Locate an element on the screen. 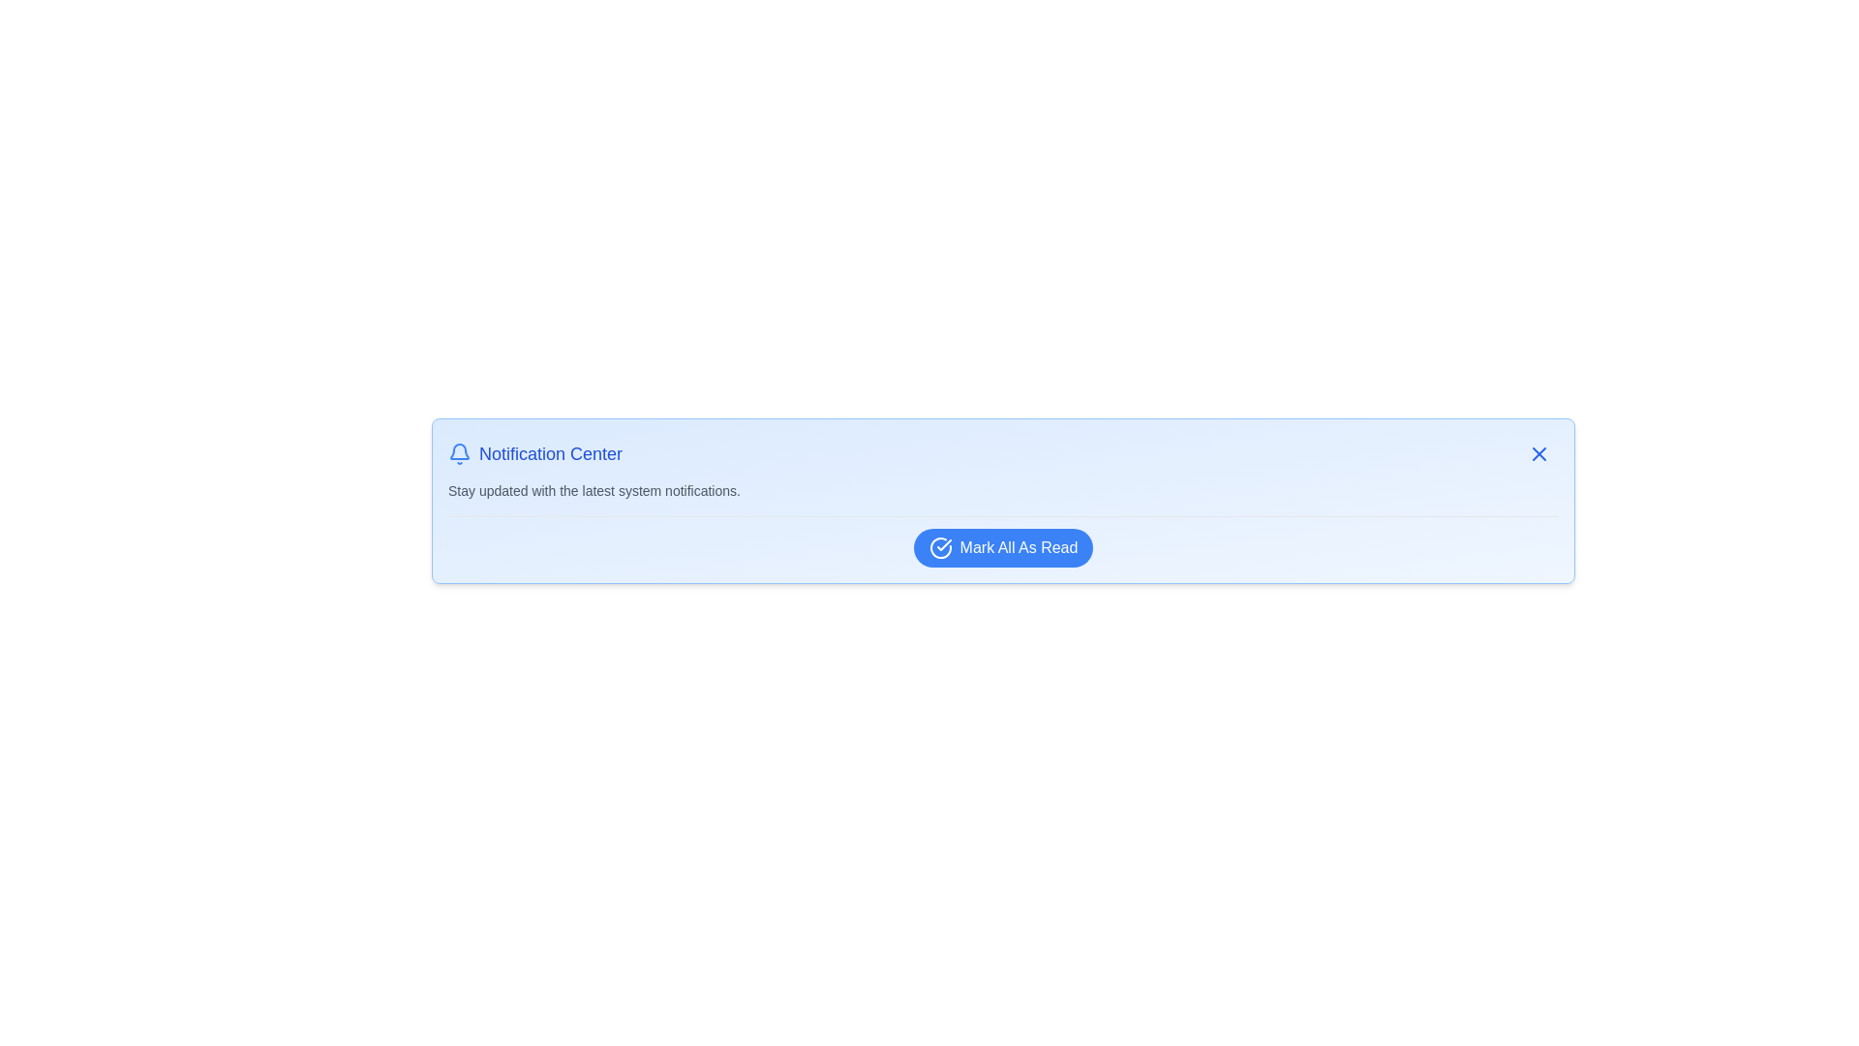 This screenshot has width=1859, height=1046. the close button located in the top-right corner of the light blue notification box titled 'Notification Center' is located at coordinates (1538, 454).